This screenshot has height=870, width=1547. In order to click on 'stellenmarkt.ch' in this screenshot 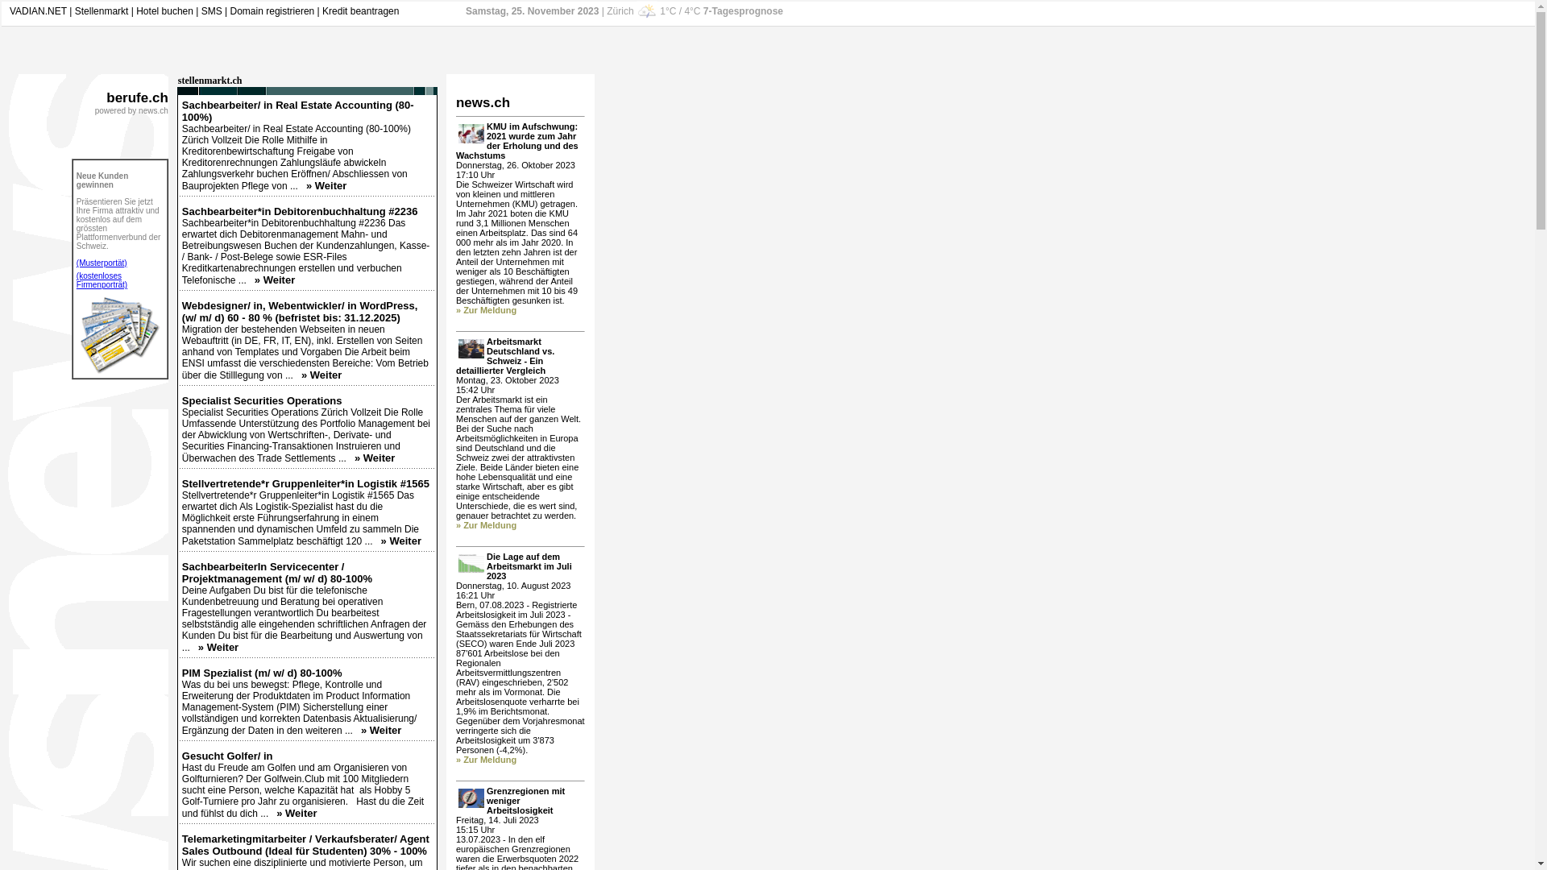, I will do `click(209, 81)`.